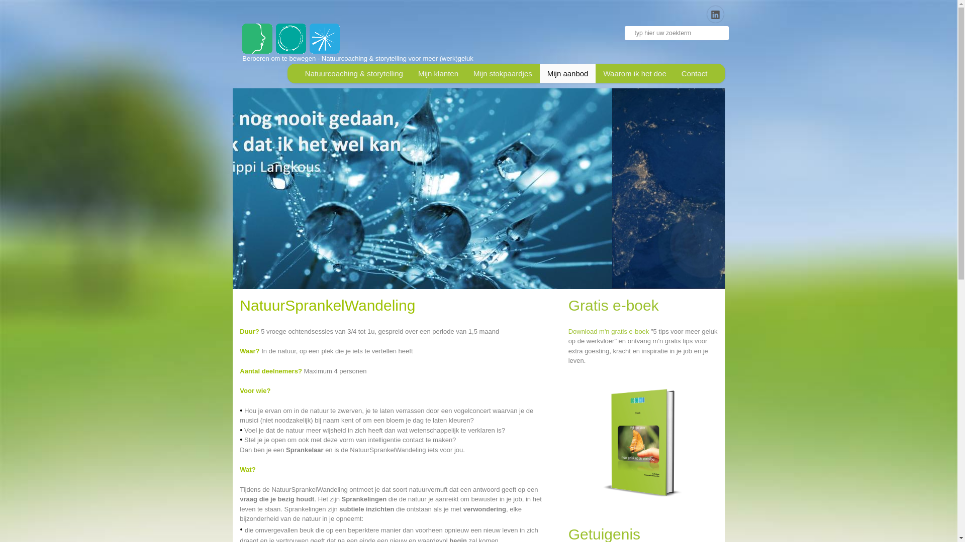 The height and width of the screenshot is (542, 965). Describe the element at coordinates (354, 72) in the screenshot. I see `'Natuurcoaching & storytelling'` at that location.